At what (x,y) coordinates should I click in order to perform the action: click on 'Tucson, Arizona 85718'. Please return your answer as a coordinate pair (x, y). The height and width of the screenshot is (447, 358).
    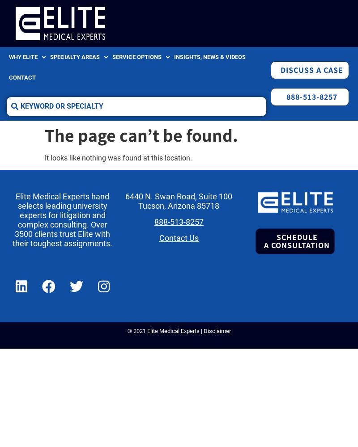
    Looking at the image, I should click on (178, 206).